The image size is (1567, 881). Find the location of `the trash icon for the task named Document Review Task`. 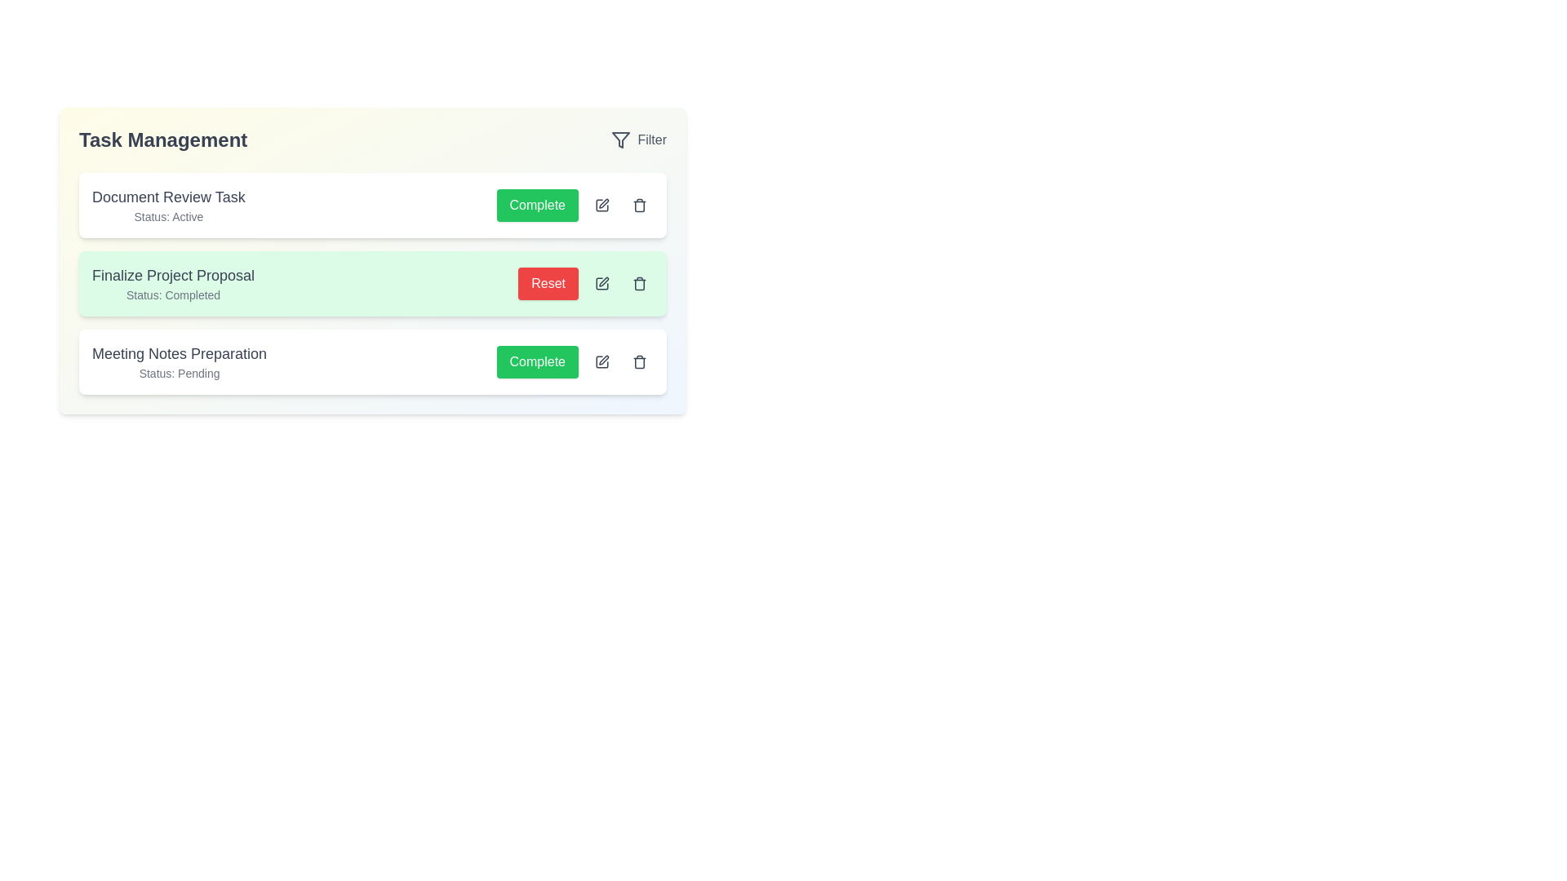

the trash icon for the task named Document Review Task is located at coordinates (638, 204).